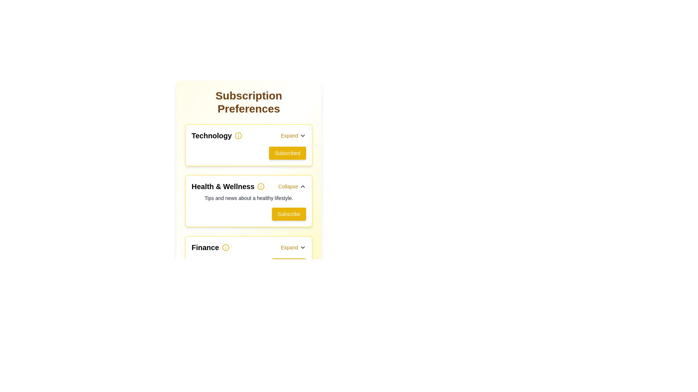 This screenshot has width=698, height=392. I want to click on the interactive icon located to the right of the 'Expand' text in the 'Finance' section, so click(303, 247).